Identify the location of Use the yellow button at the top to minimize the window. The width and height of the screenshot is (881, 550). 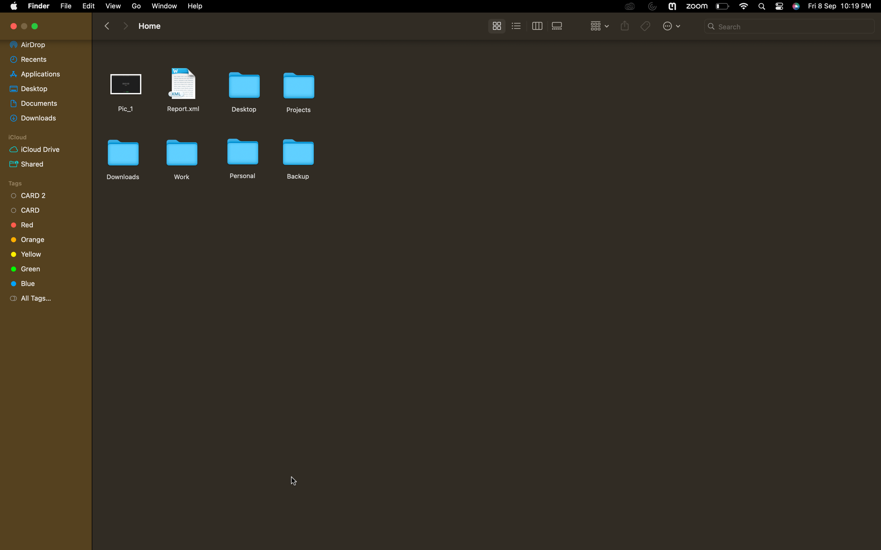
(35, 27).